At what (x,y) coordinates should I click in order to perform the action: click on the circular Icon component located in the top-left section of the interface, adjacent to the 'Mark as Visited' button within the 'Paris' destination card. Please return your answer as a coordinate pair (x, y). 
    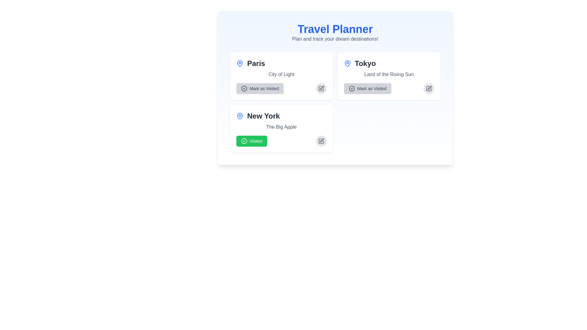
    Looking at the image, I should click on (244, 88).